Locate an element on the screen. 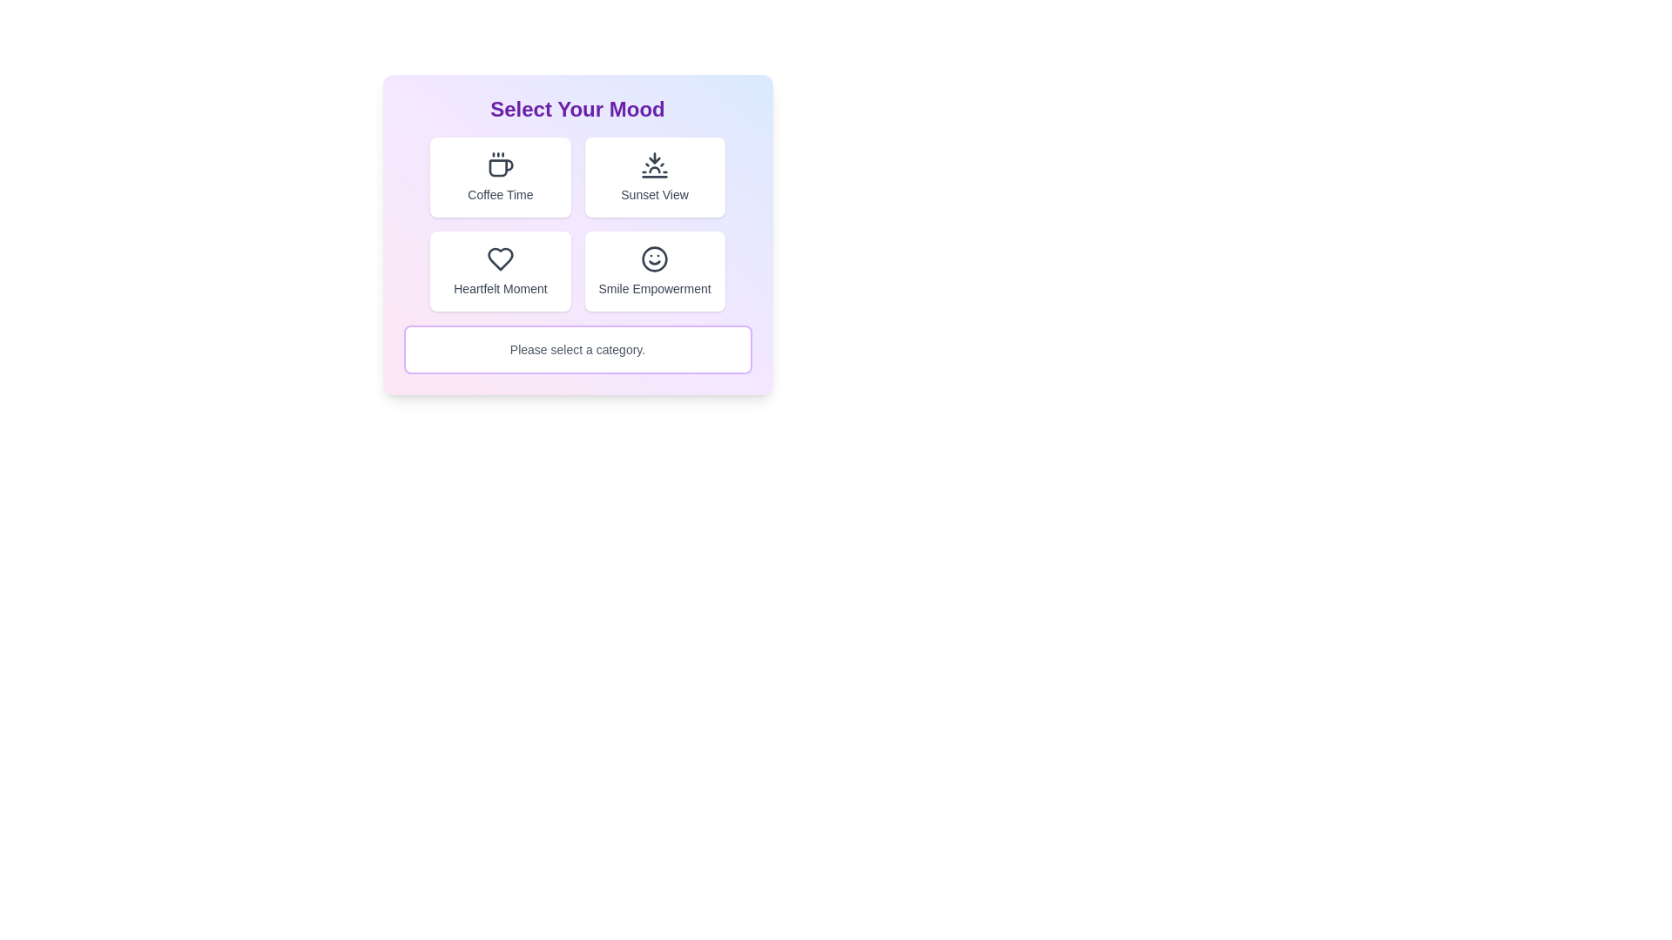 The height and width of the screenshot is (940, 1672). the decorative coffee cup icon representing the 'Coffee Time' option located in the top-left section of the grid is located at coordinates (499, 164).